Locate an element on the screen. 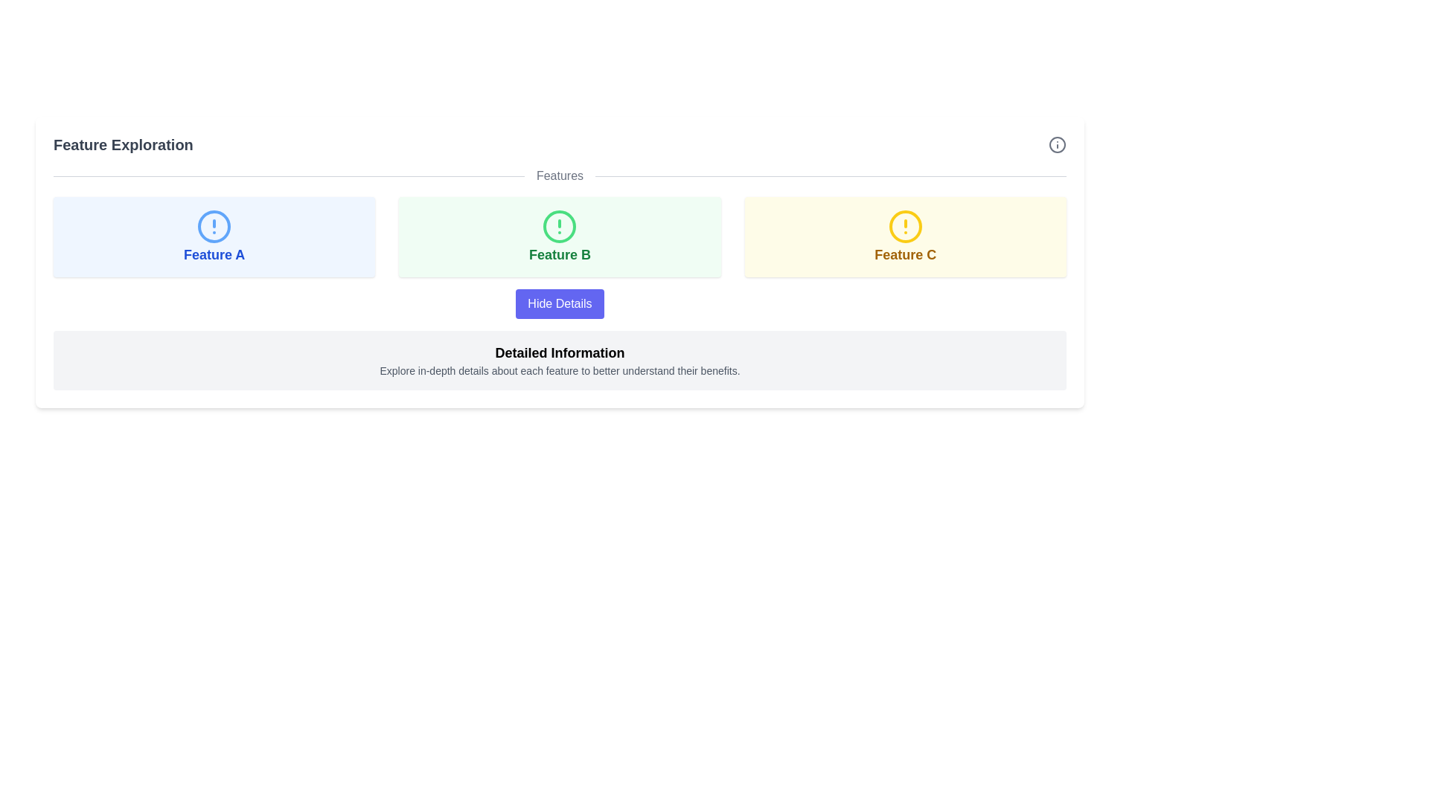 The image size is (1429, 803). the circular informational icon in the upper-right corner of the interface is located at coordinates (1056, 145).